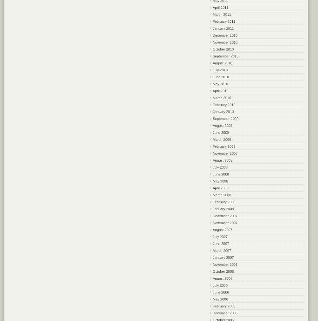 The height and width of the screenshot is (321, 318). Describe the element at coordinates (213, 132) in the screenshot. I see `'June 2009'` at that location.